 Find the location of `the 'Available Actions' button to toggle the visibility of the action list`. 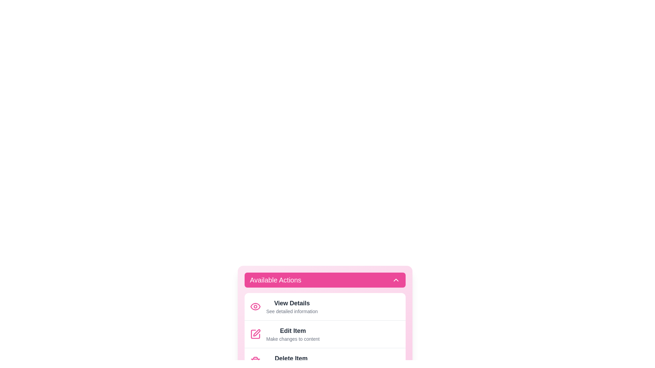

the 'Available Actions' button to toggle the visibility of the action list is located at coordinates (324, 280).